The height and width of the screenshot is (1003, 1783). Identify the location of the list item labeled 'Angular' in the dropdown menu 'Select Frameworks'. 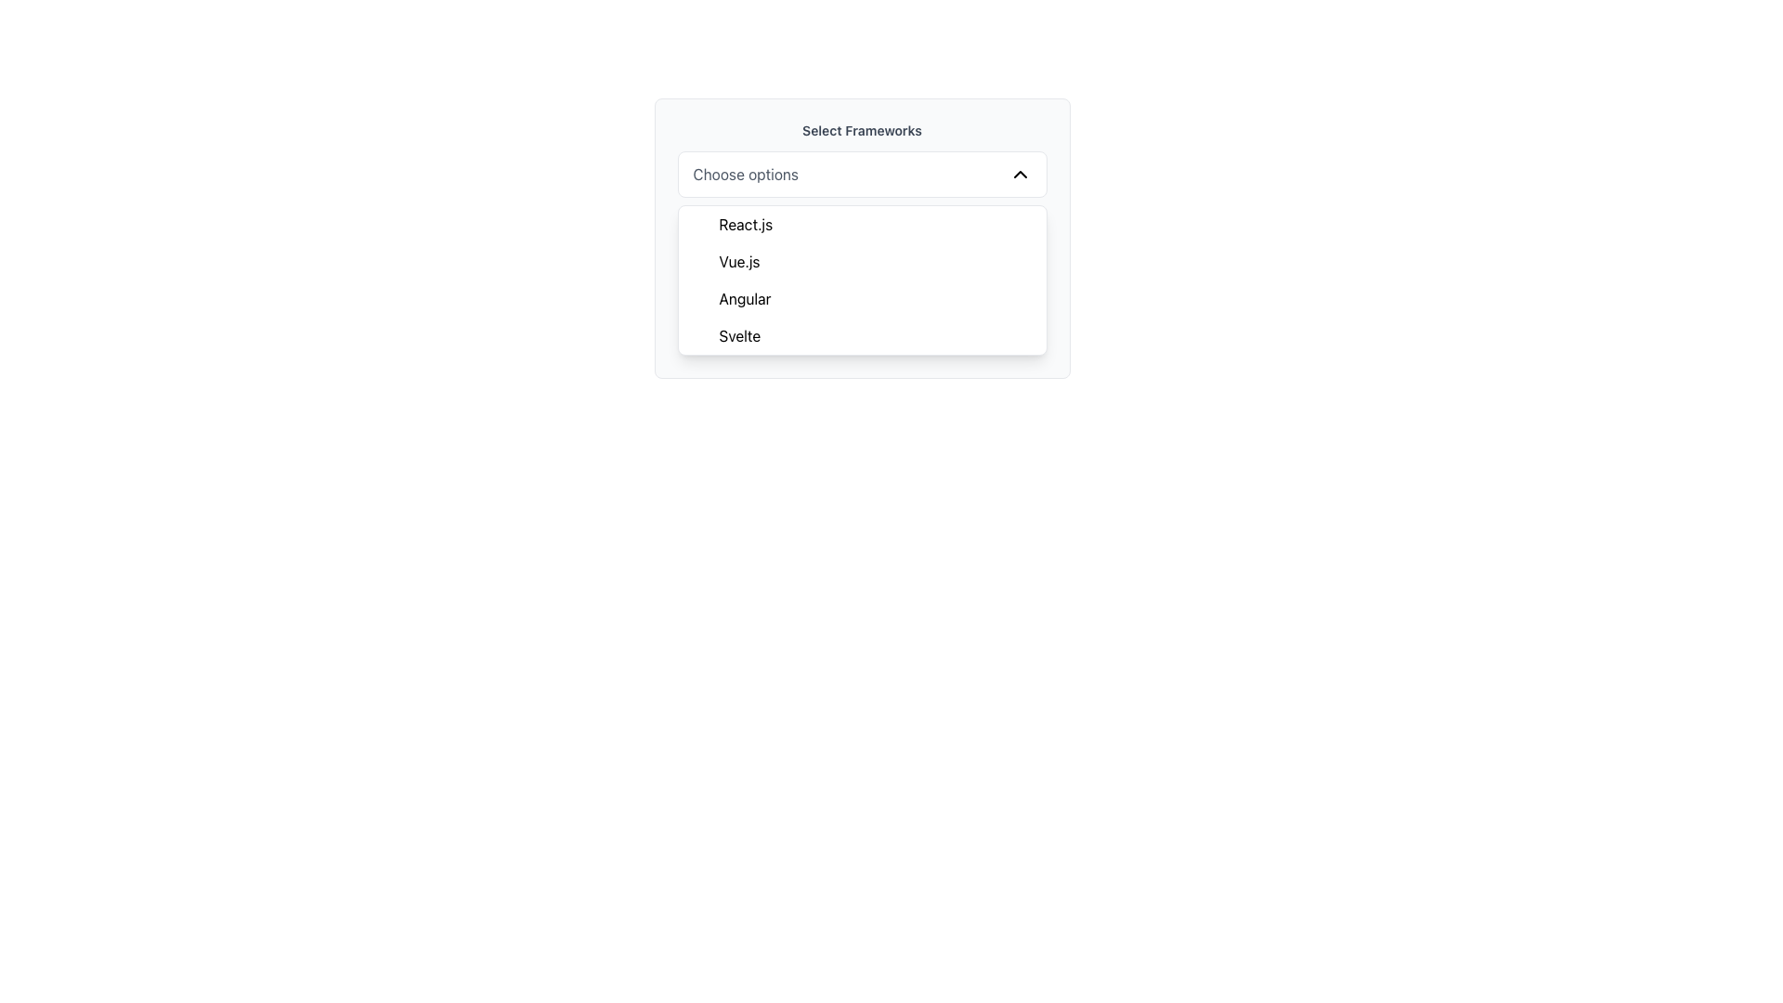
(861, 297).